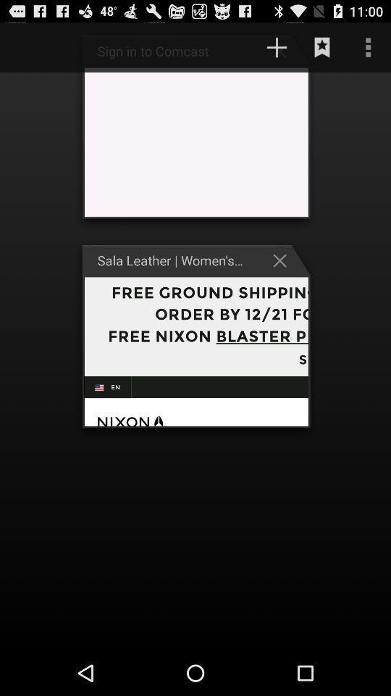 This screenshot has height=696, width=391. Describe the element at coordinates (368, 51) in the screenshot. I see `the more icon` at that location.